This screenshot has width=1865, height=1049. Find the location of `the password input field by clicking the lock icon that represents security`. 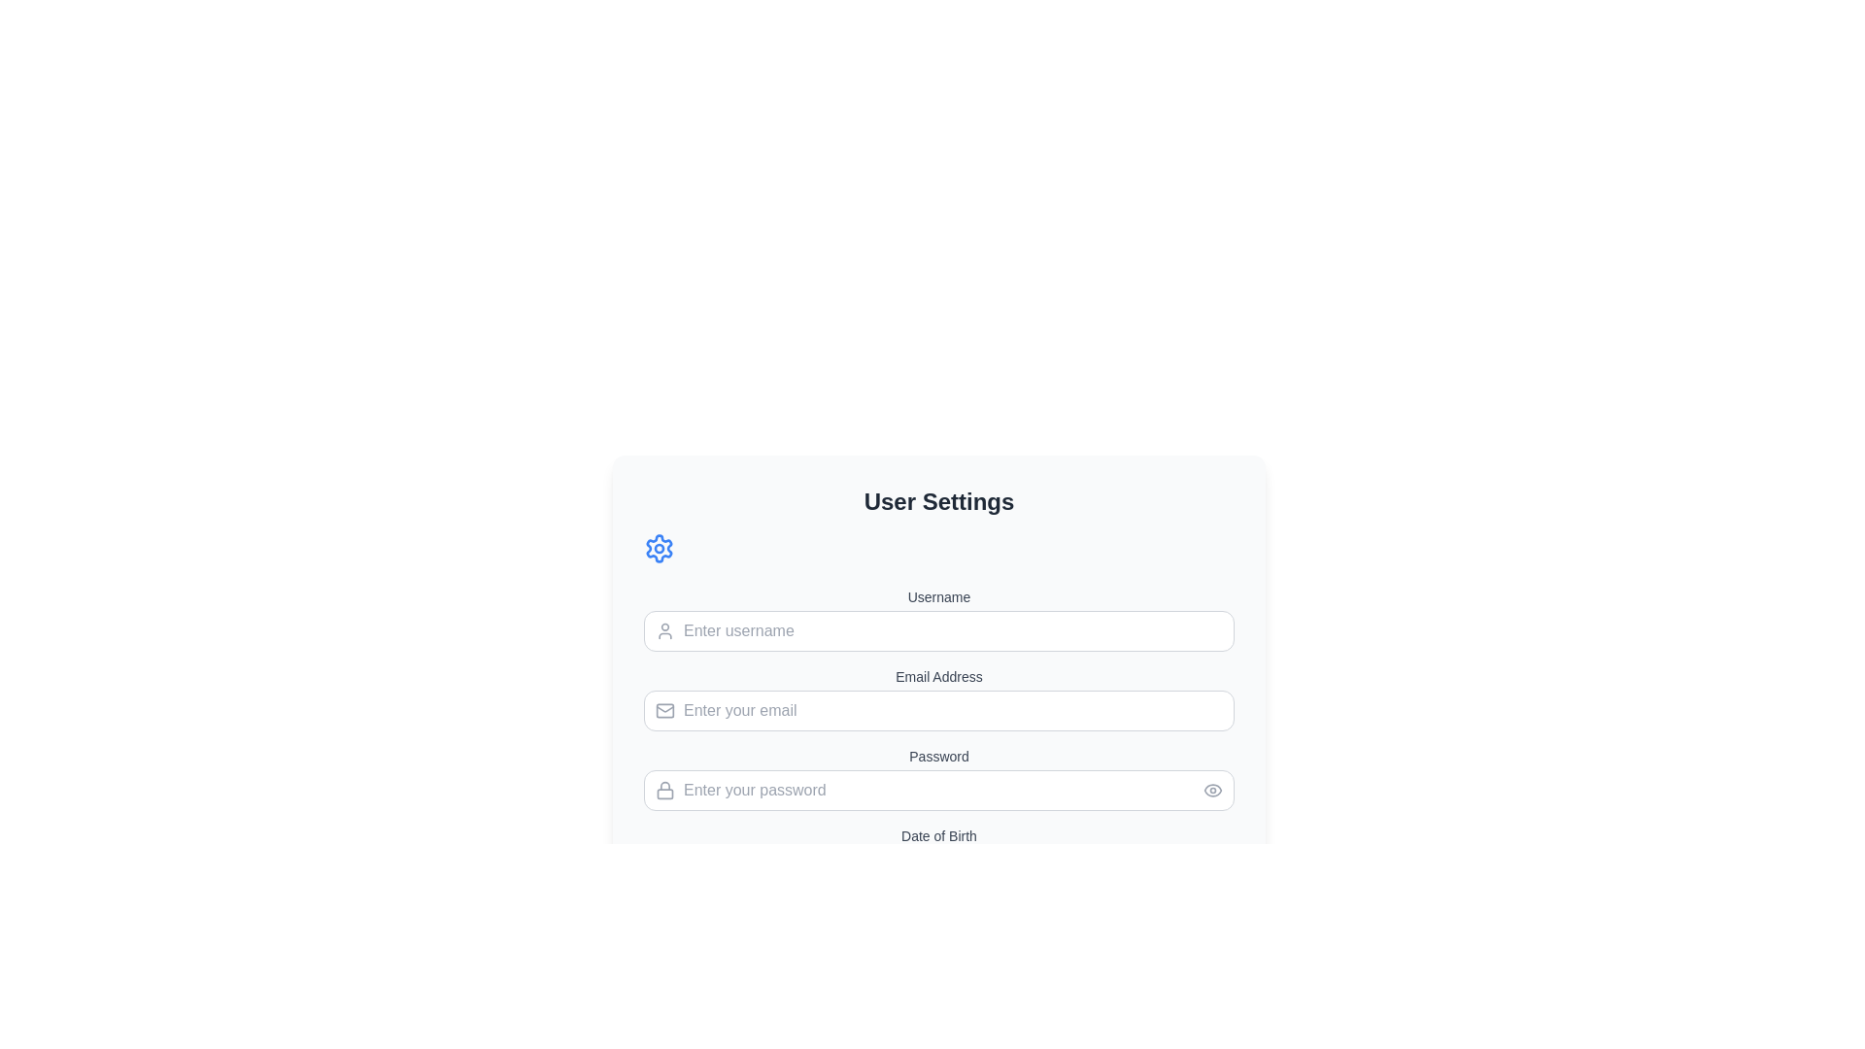

the password input field by clicking the lock icon that represents security is located at coordinates (665, 790).